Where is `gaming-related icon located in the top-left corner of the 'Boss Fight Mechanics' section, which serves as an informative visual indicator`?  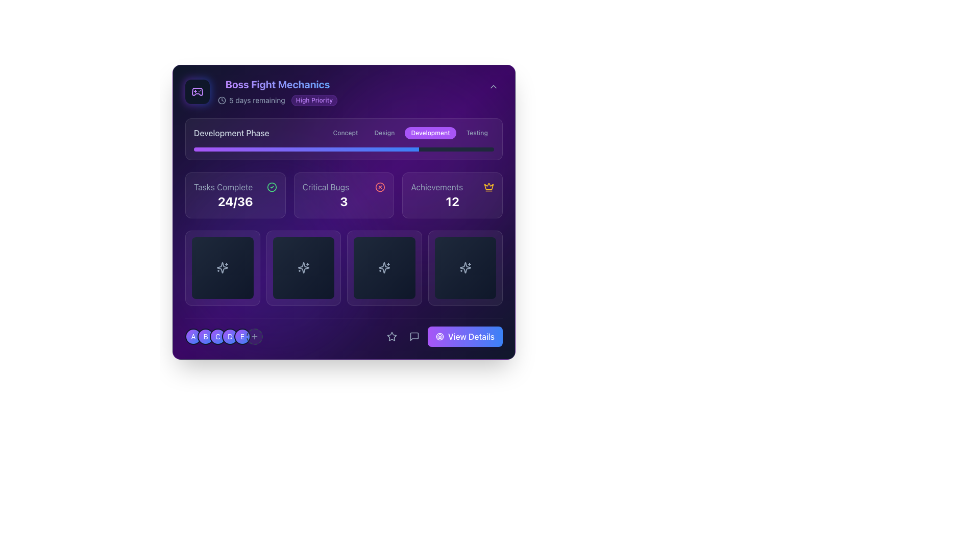 gaming-related icon located in the top-left corner of the 'Boss Fight Mechanics' section, which serves as an informative visual indicator is located at coordinates (198, 92).